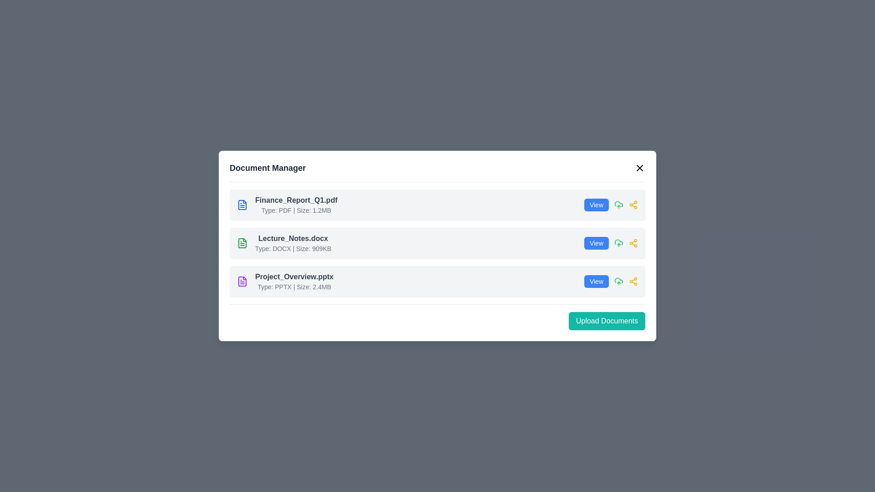  Describe the element at coordinates (294, 281) in the screenshot. I see `the text label representing the third document entry in the 'Document Manager' interface` at that location.